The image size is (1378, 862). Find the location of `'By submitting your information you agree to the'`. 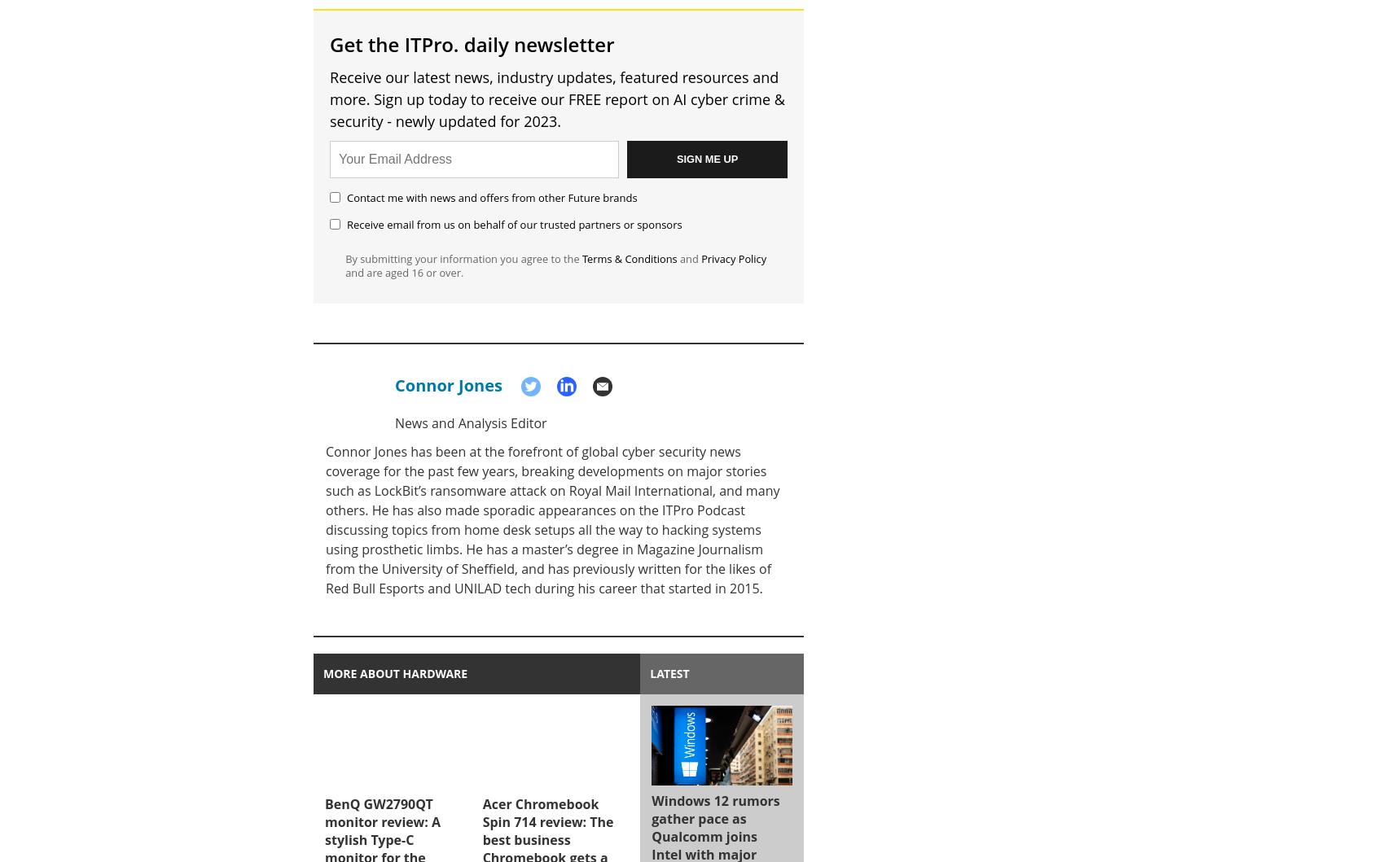

'By submitting your information you agree to the' is located at coordinates (463, 259).